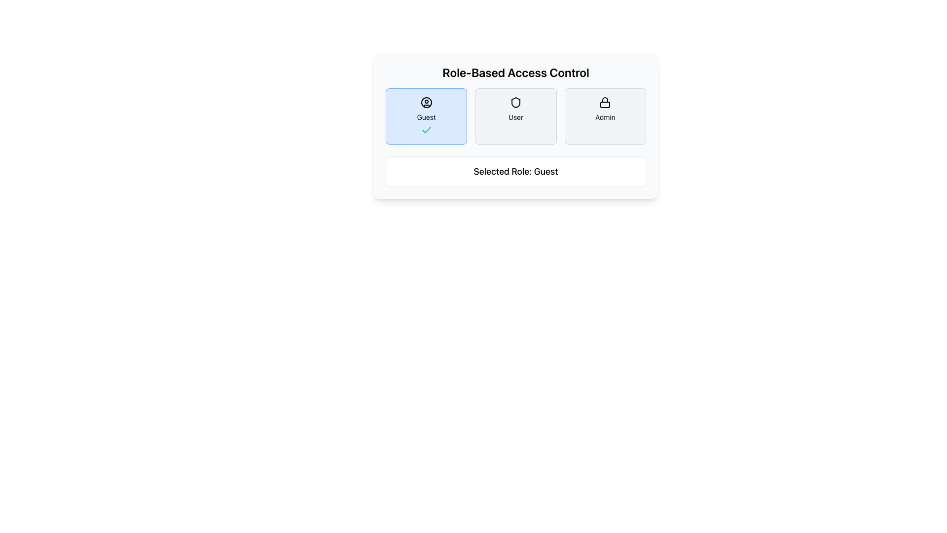  I want to click on the 'Admin' text label located at the bottom-center of the user role card, which is styled in a standard-sized sans-serif font and is part of the role selection interface, so click(605, 117).